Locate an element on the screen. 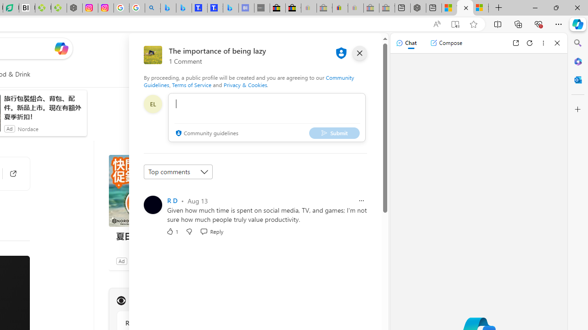  'Microsoft Bing Travel - Shangri-La Hotel Bangkok' is located at coordinates (231, 8).